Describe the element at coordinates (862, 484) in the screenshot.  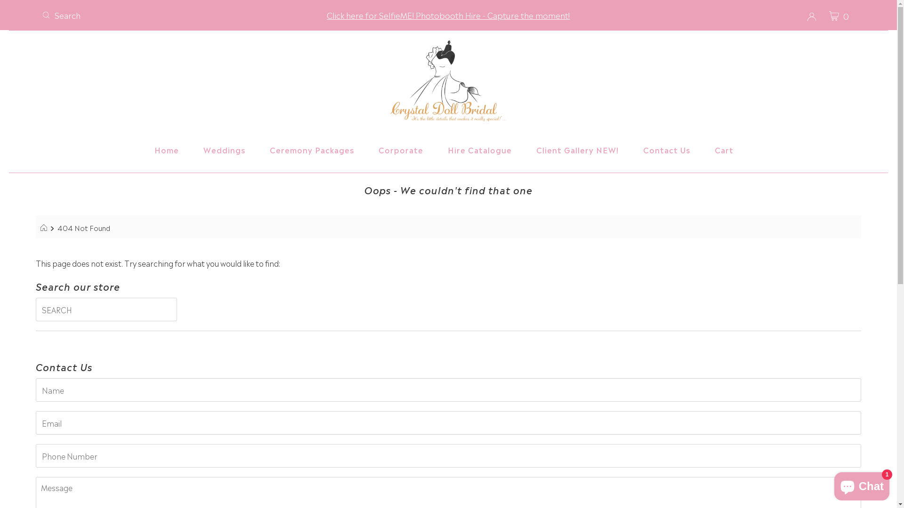
I see `'Shopify online store chat'` at that location.